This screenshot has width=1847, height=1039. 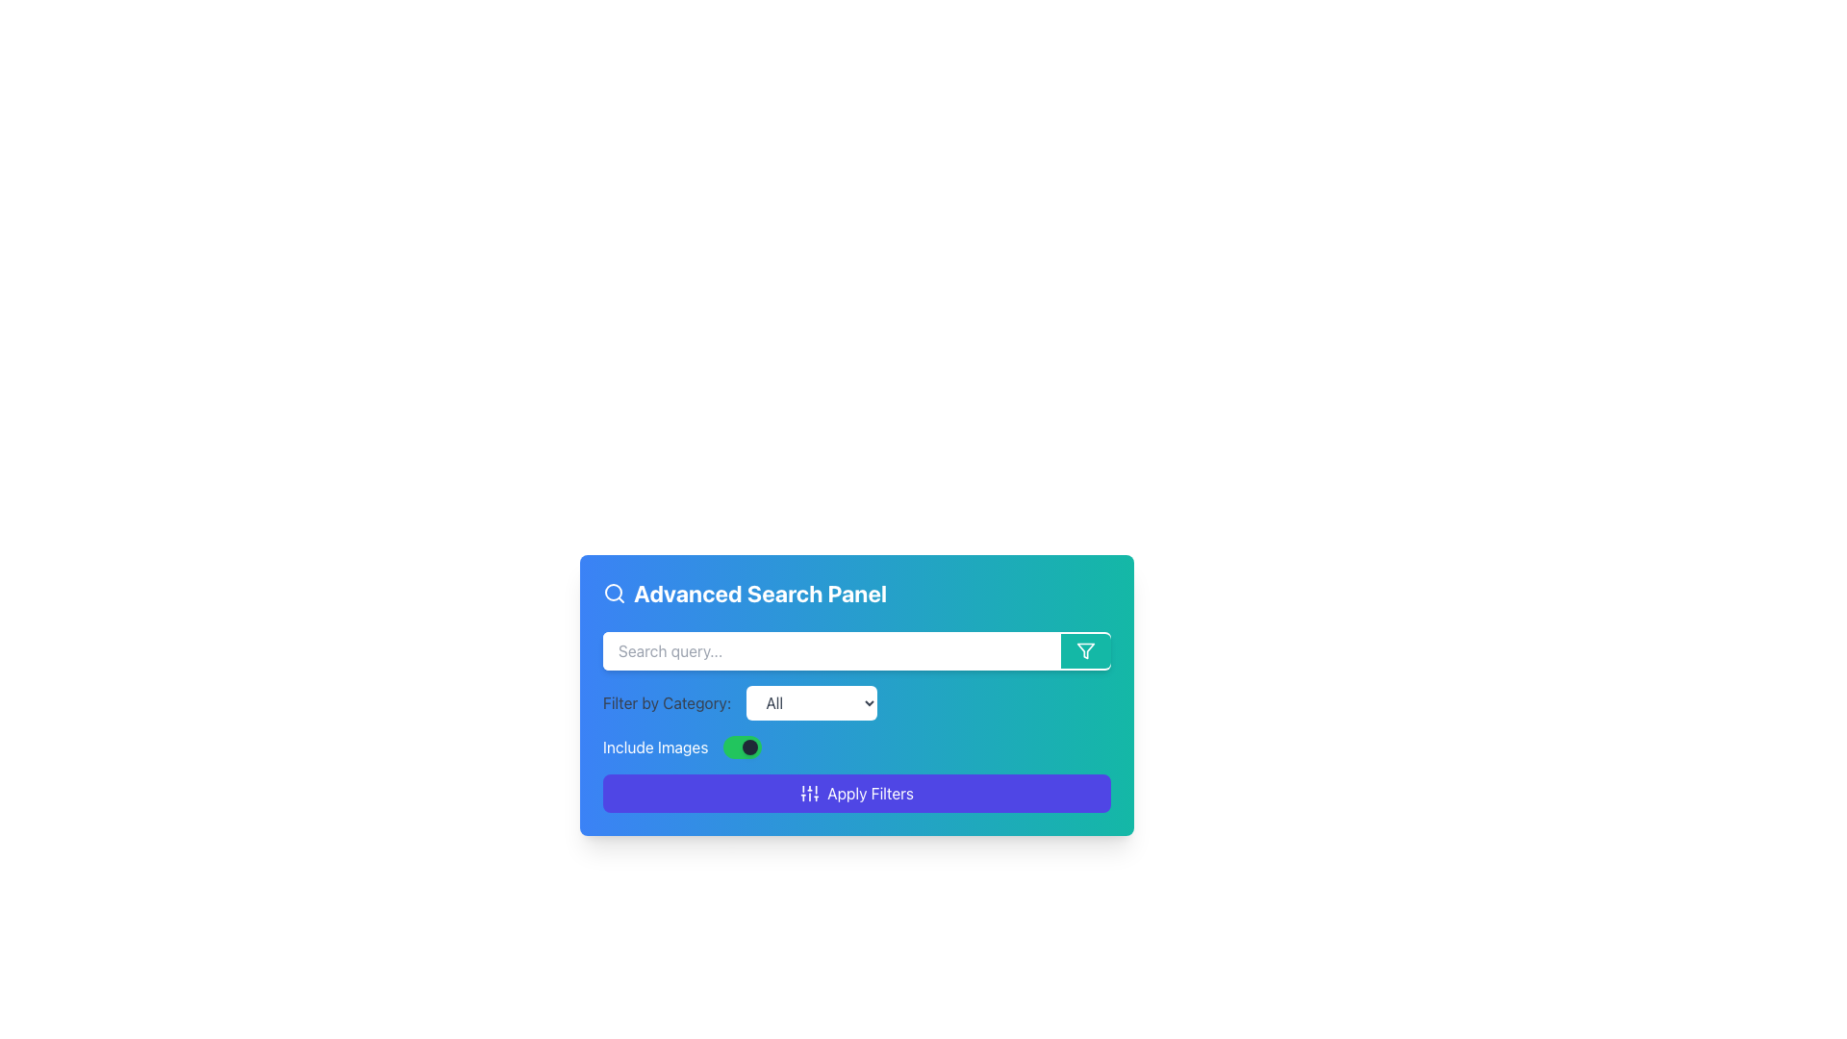 What do you see at coordinates (856, 746) in the screenshot?
I see `the toggle switch in the Advanced Search Panel` at bounding box center [856, 746].